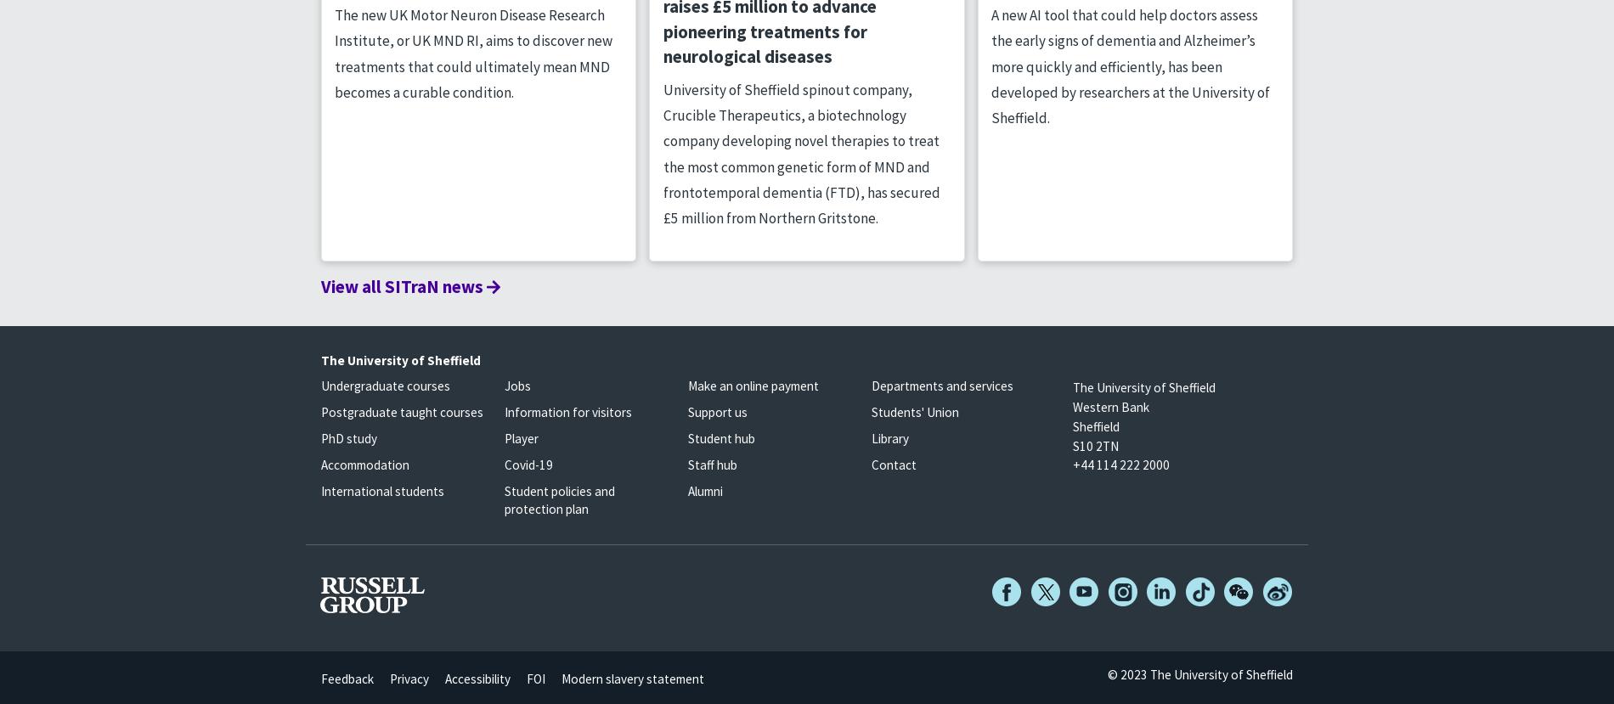 The width and height of the screenshot is (1614, 704). What do you see at coordinates (1119, 465) in the screenshot?
I see `'+44 114 222 2000'` at bounding box center [1119, 465].